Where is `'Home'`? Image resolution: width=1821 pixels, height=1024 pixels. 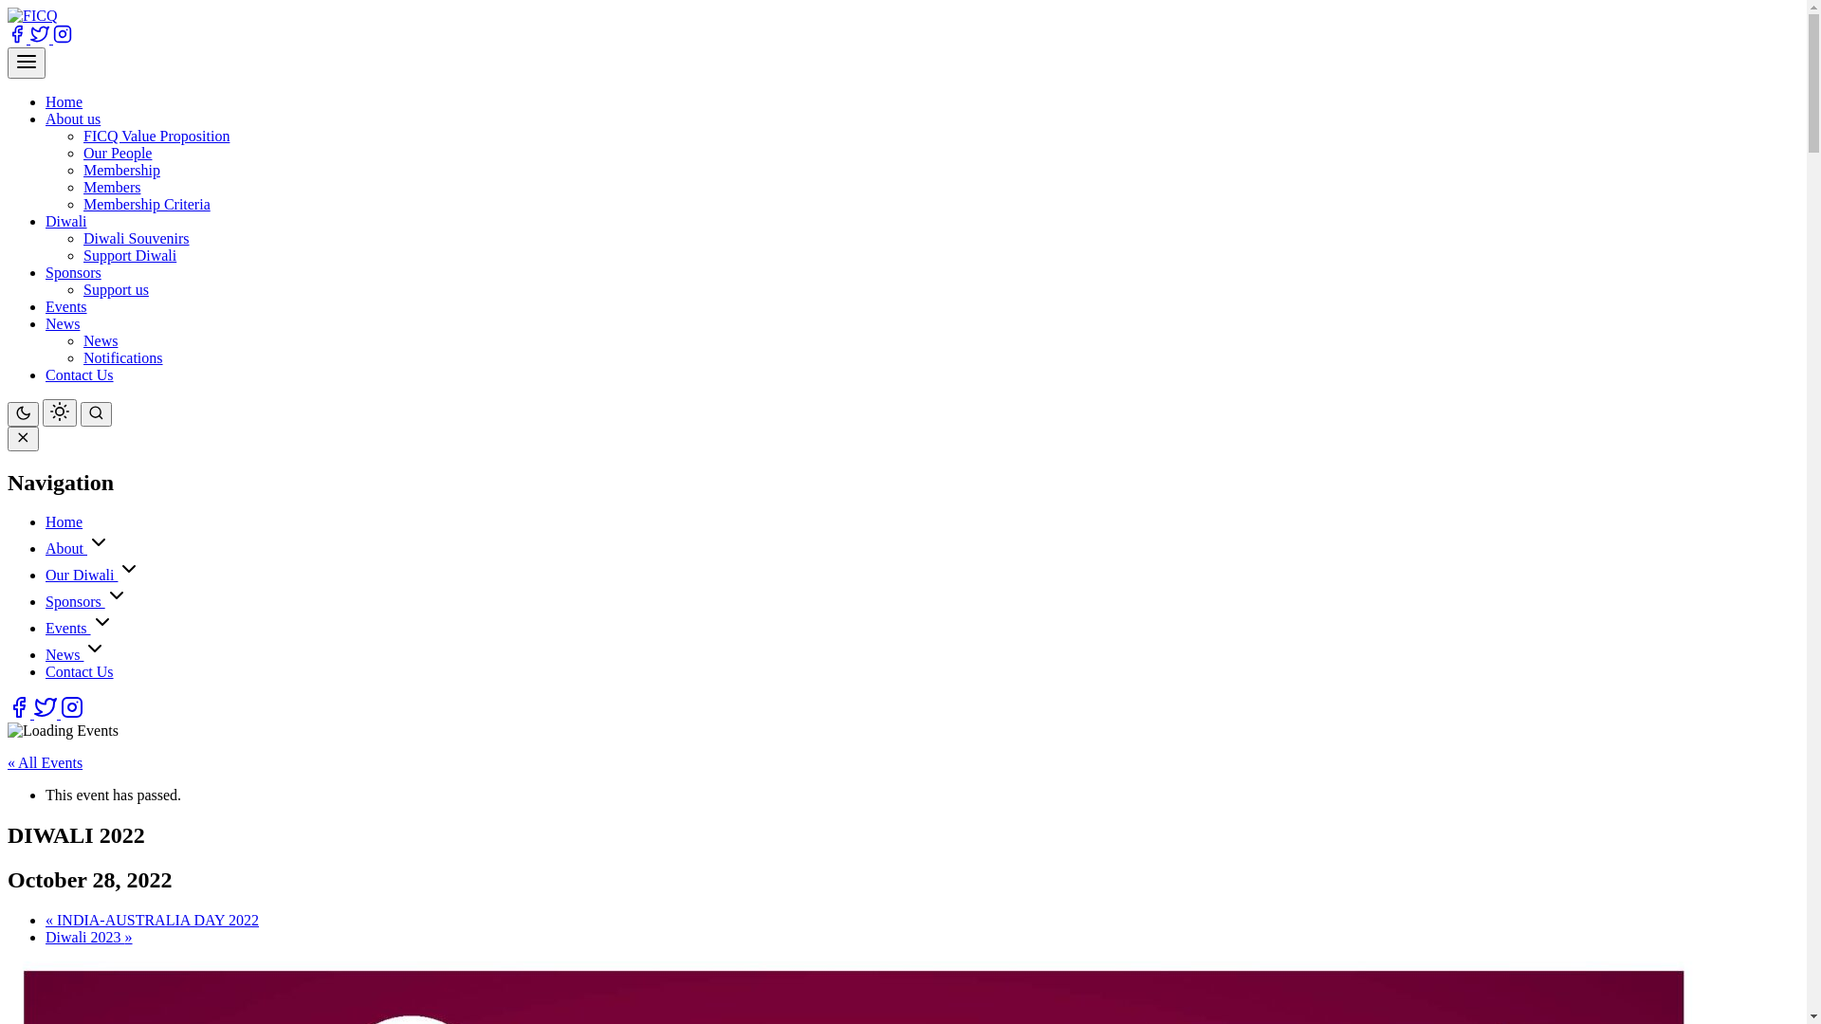 'Home' is located at coordinates (64, 101).